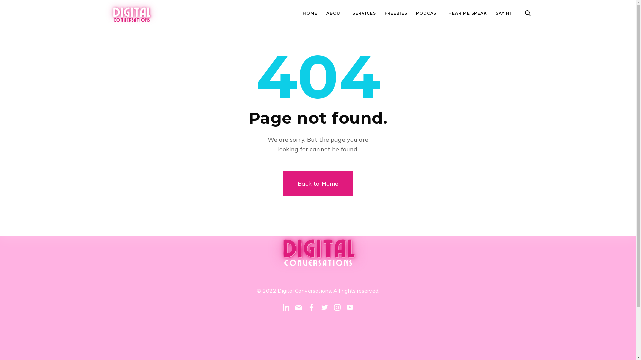 This screenshot has width=641, height=360. Describe the element at coordinates (396, 13) in the screenshot. I see `'FREEBIES'` at that location.